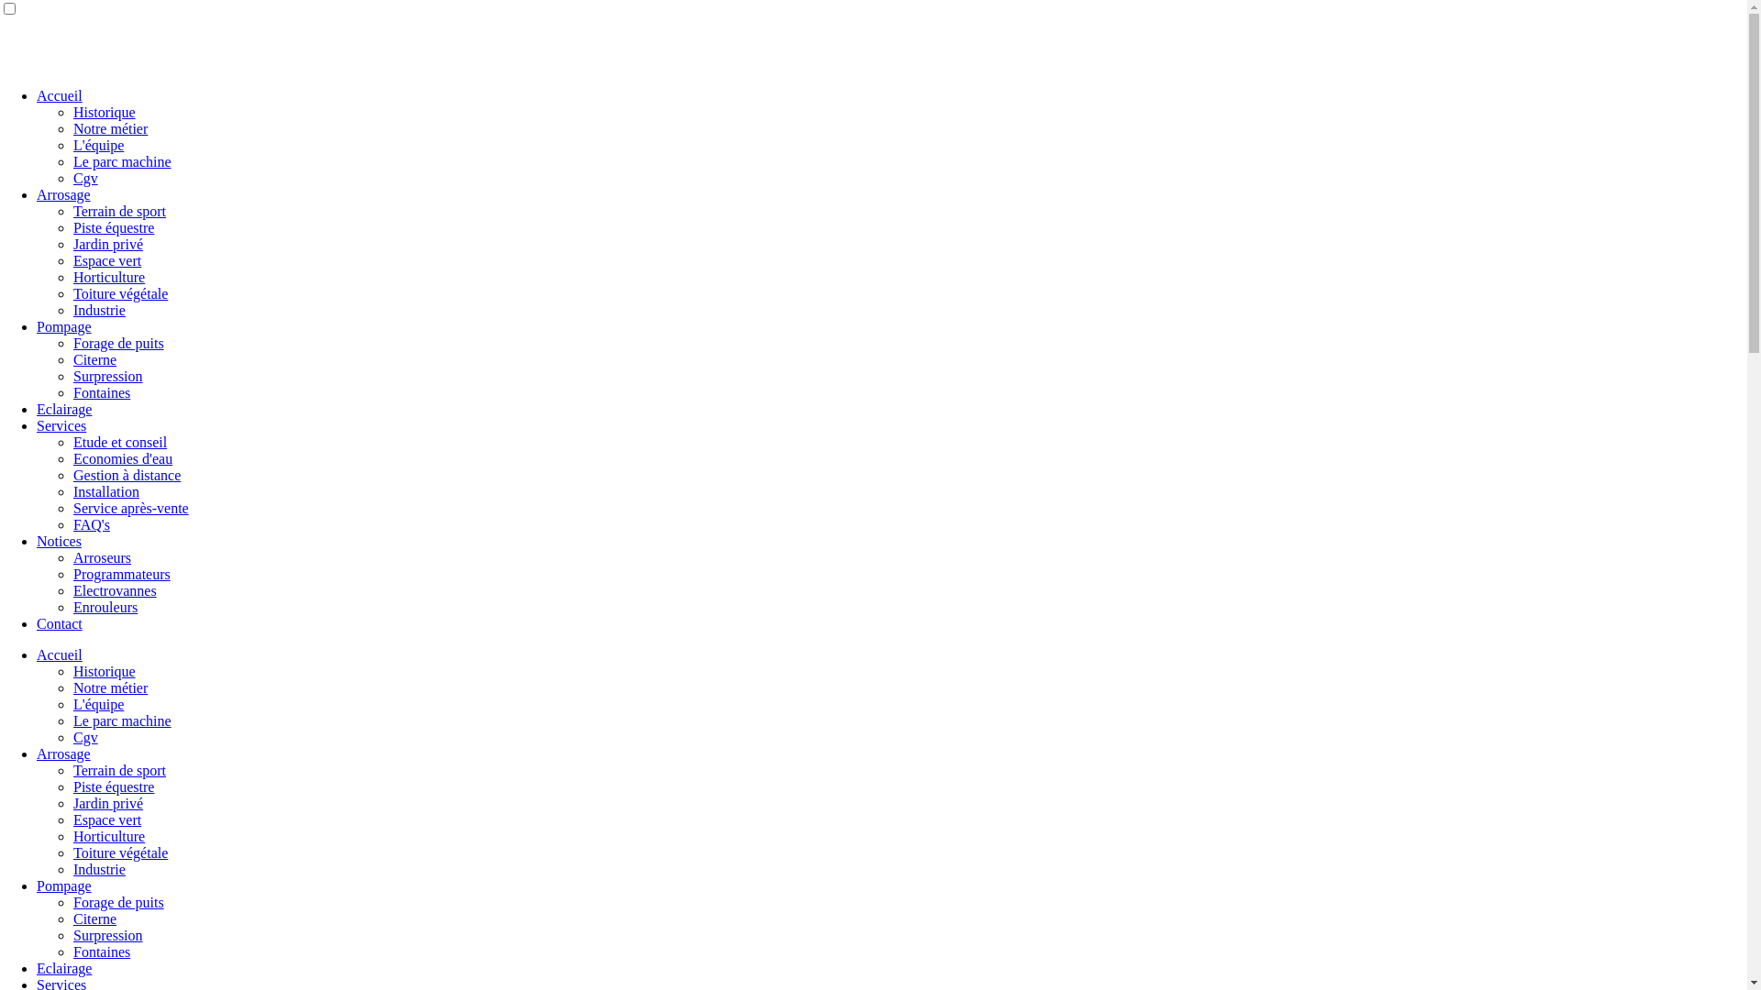 The image size is (1761, 990). What do you see at coordinates (64, 885) in the screenshot?
I see `'Pompage'` at bounding box center [64, 885].